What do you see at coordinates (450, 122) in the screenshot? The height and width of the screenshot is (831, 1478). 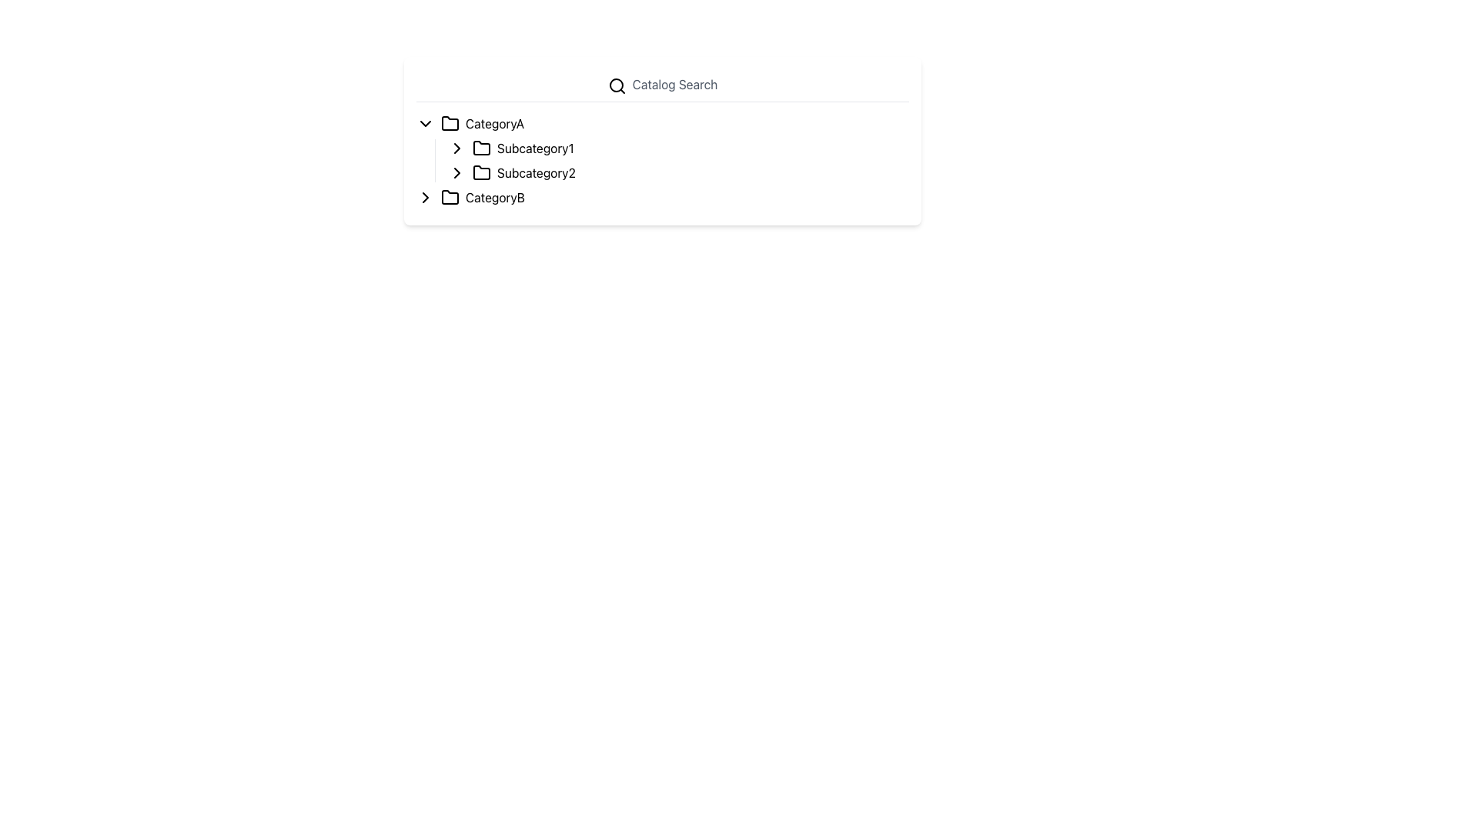 I see `the 'CategoryA' folder icon located next to the text label 'CategoryA' in the hierarchical list` at bounding box center [450, 122].